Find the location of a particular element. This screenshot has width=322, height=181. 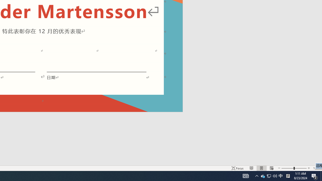

'Focus ' is located at coordinates (237, 168).